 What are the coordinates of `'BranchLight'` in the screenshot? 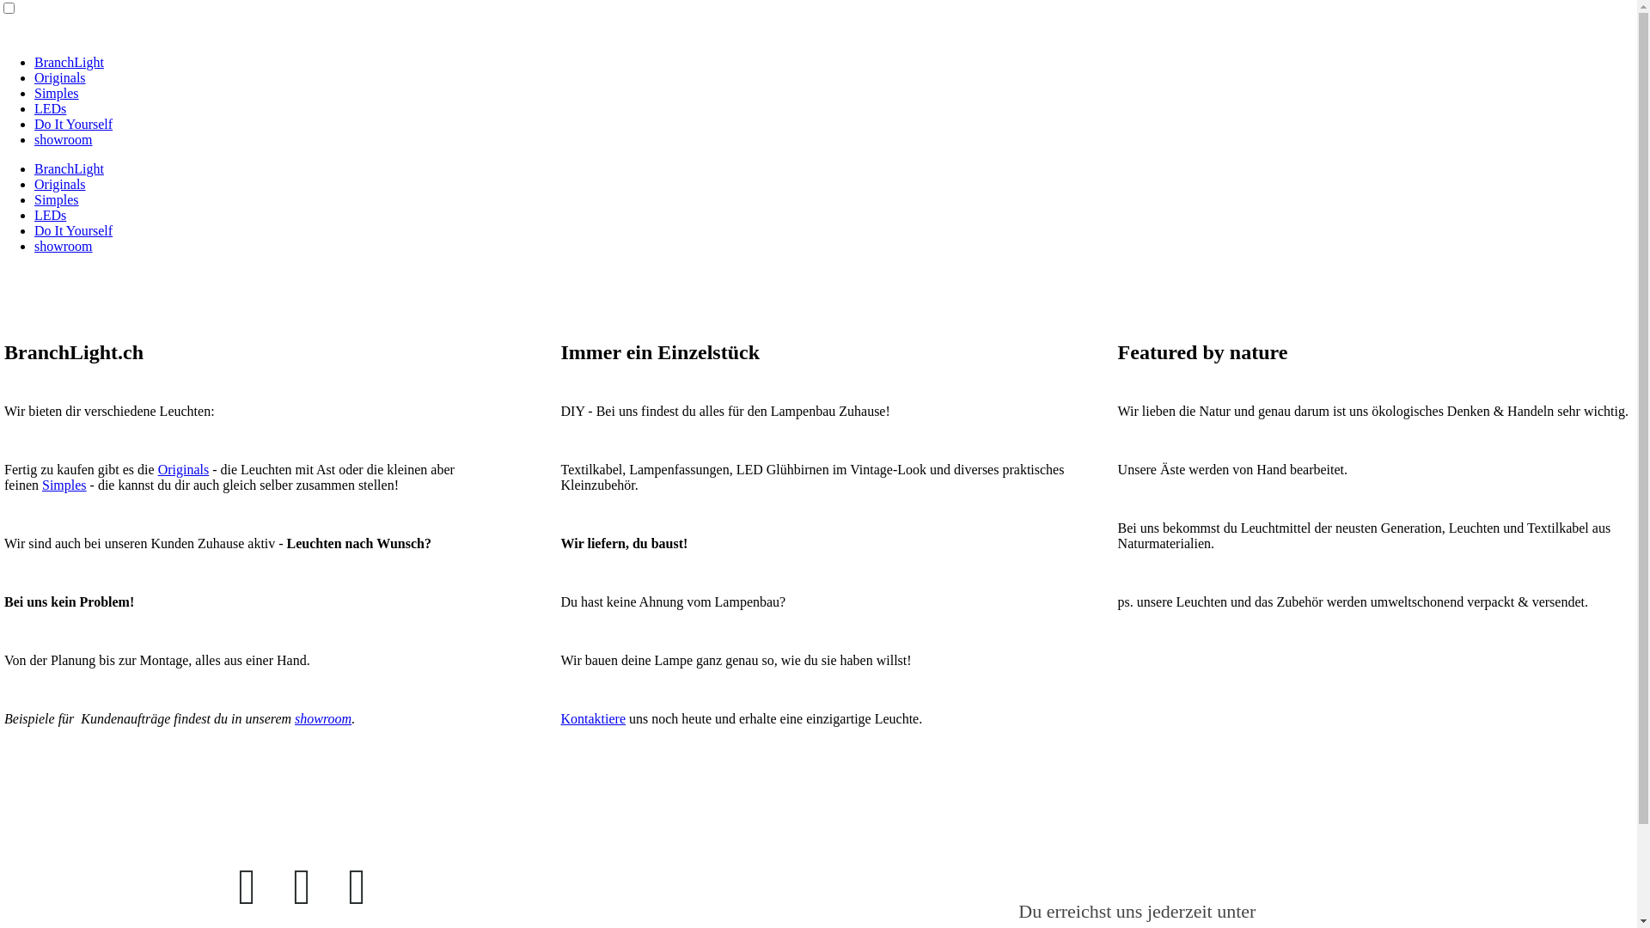 It's located at (69, 168).